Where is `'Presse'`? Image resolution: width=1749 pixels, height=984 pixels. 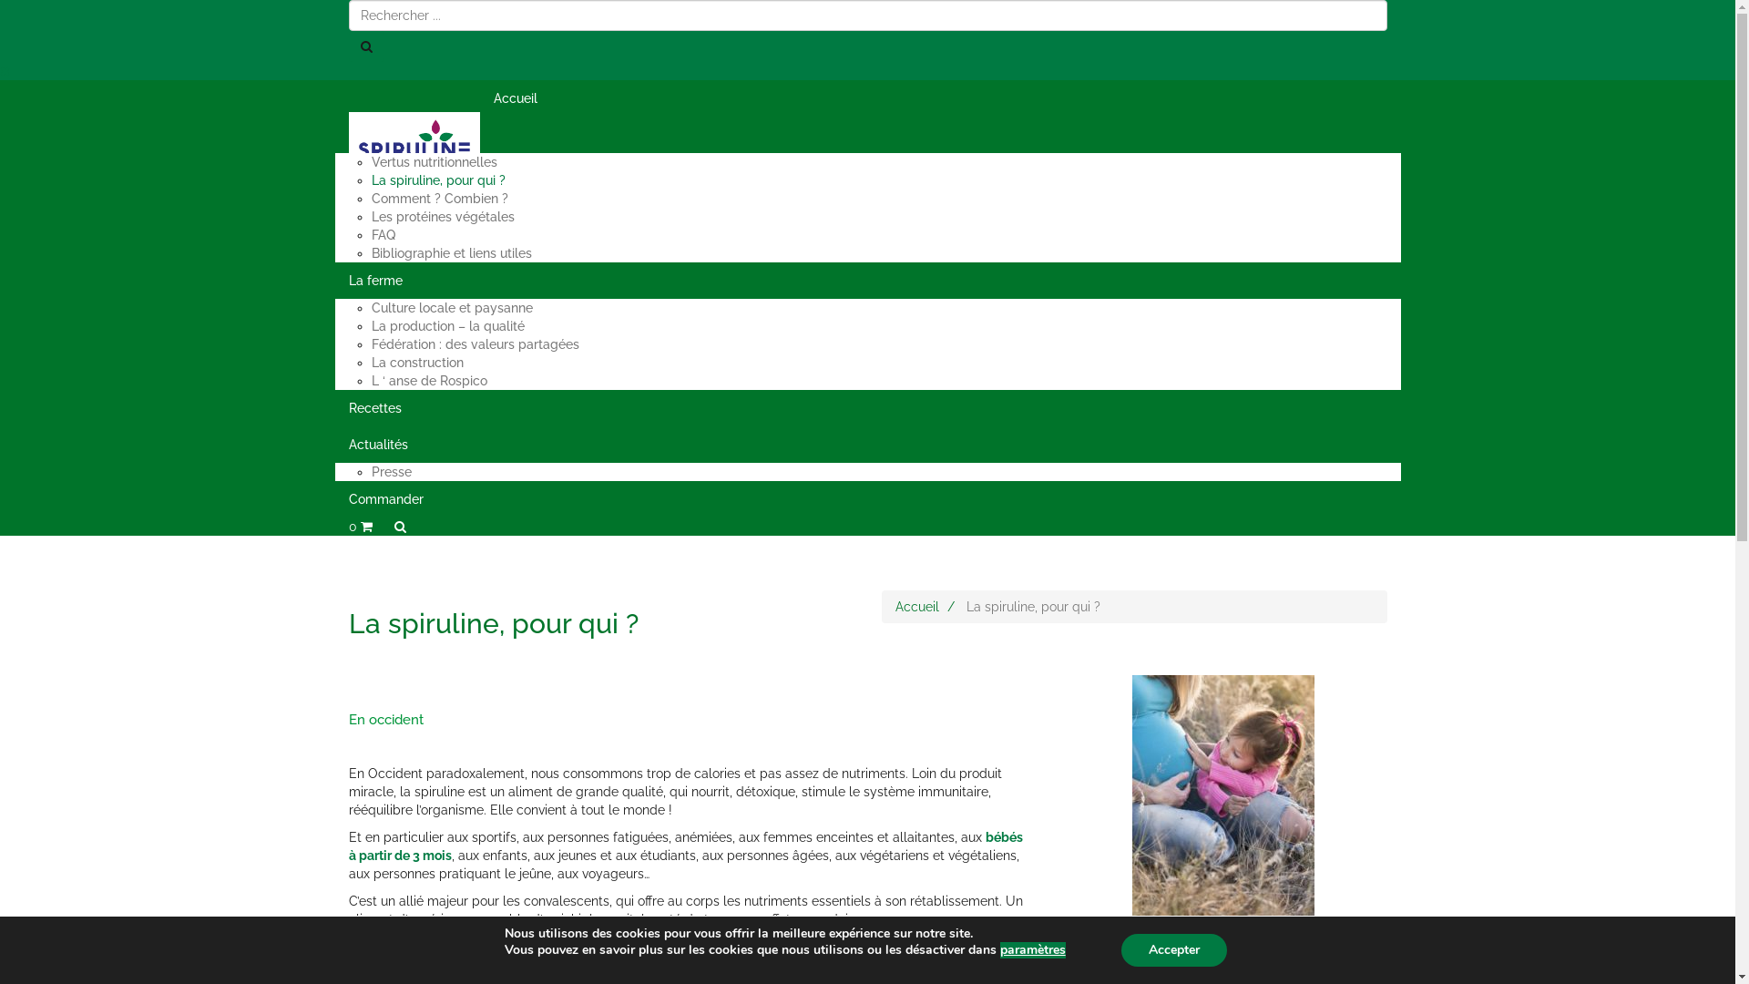 'Presse' is located at coordinates (391, 470).